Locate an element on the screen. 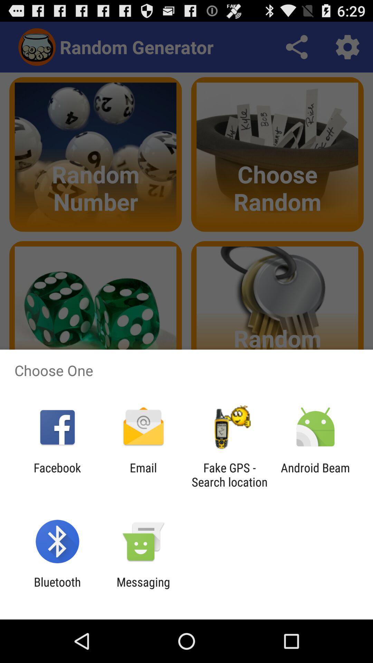  email is located at coordinates (143, 474).